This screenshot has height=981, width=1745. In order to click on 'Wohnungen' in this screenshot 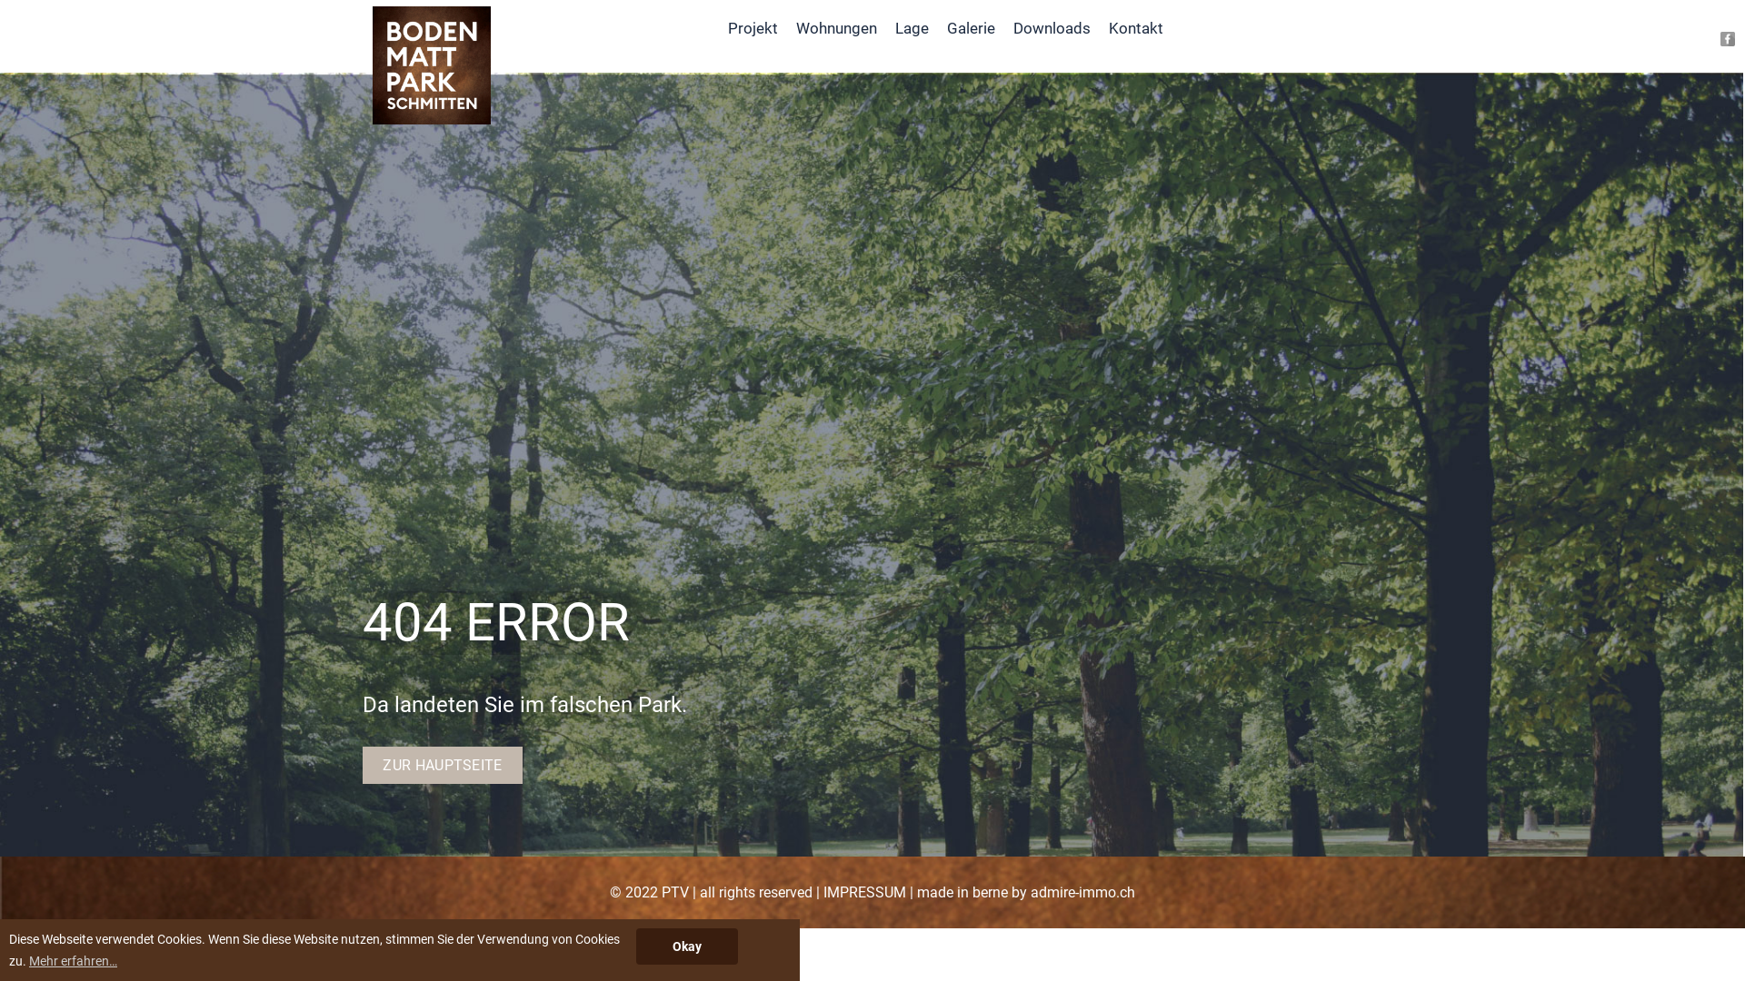, I will do `click(786, 27)`.